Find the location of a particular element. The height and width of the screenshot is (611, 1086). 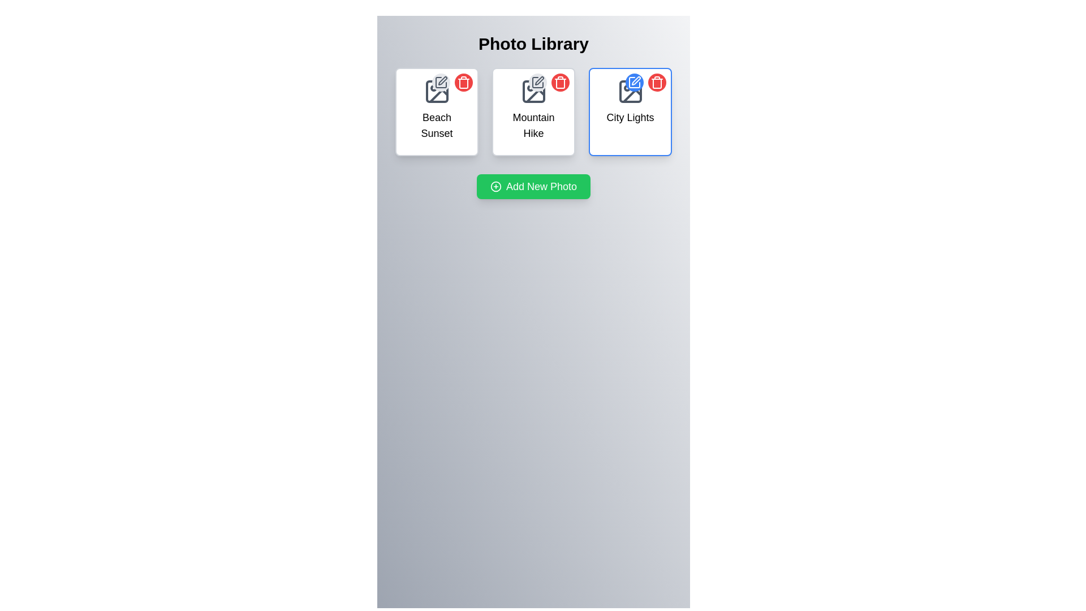

the square photo icon with rounded corners located in the top-center area of the 'City Lights' photo card is located at coordinates (630, 91).